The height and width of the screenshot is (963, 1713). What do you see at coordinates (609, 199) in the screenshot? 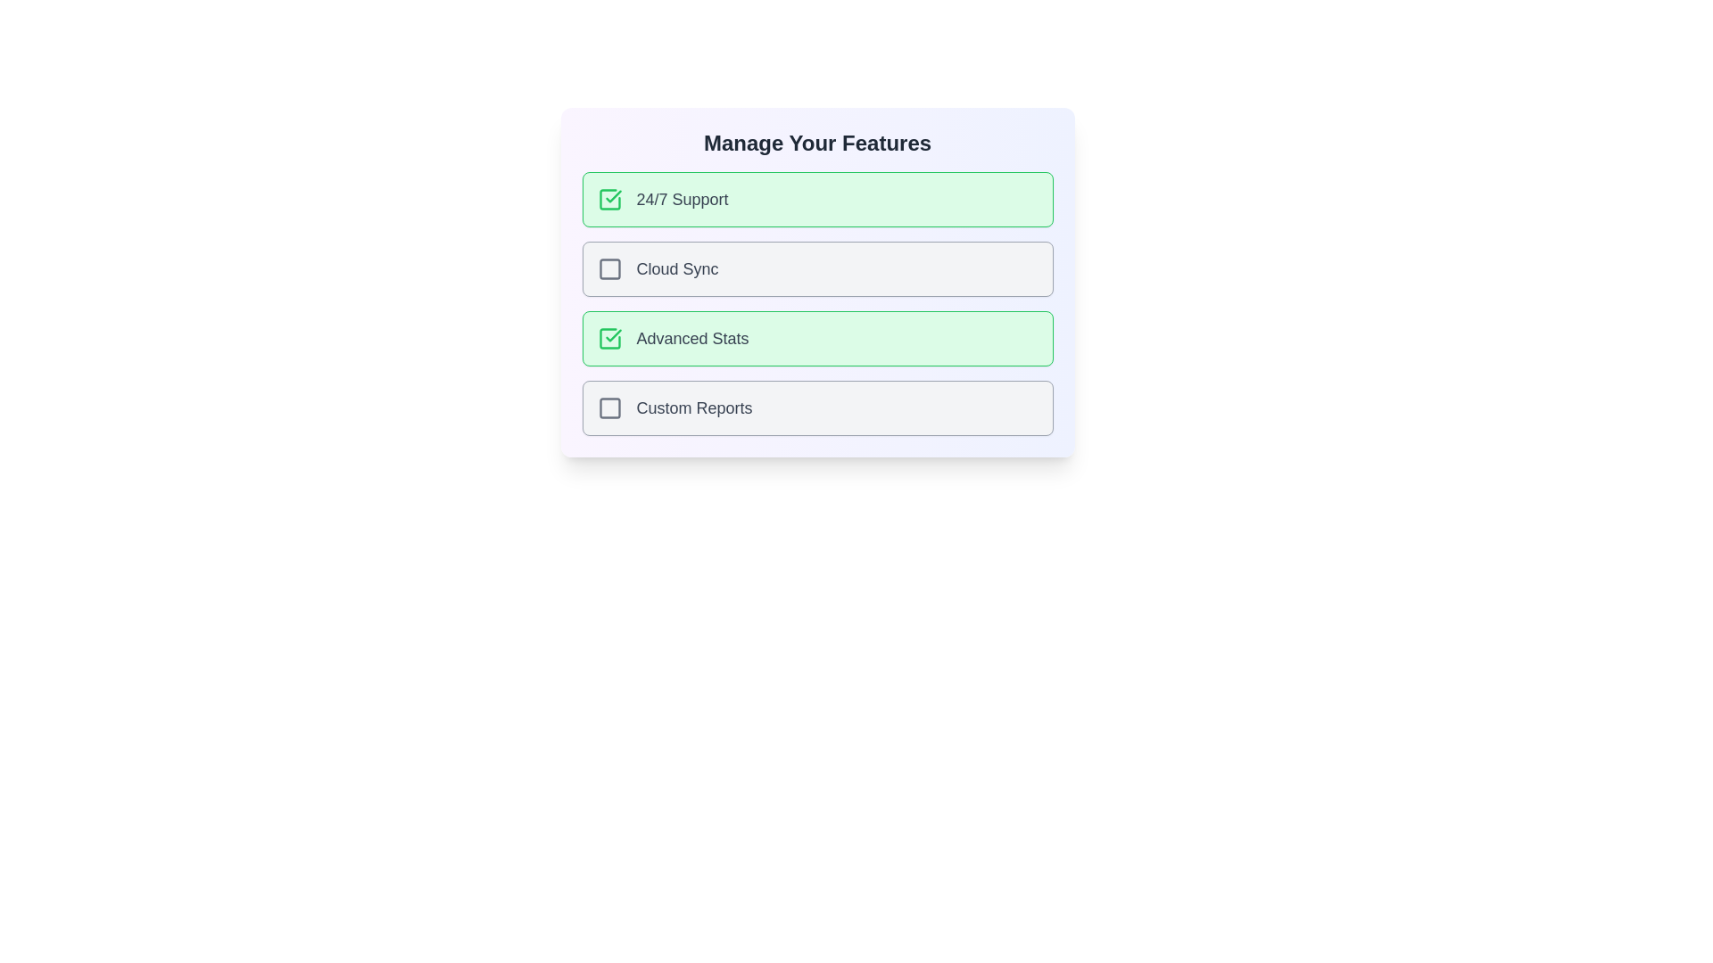
I see `the checkbox element (a hollow square with a thick stroke outline) next to '24/7 Support'` at bounding box center [609, 199].